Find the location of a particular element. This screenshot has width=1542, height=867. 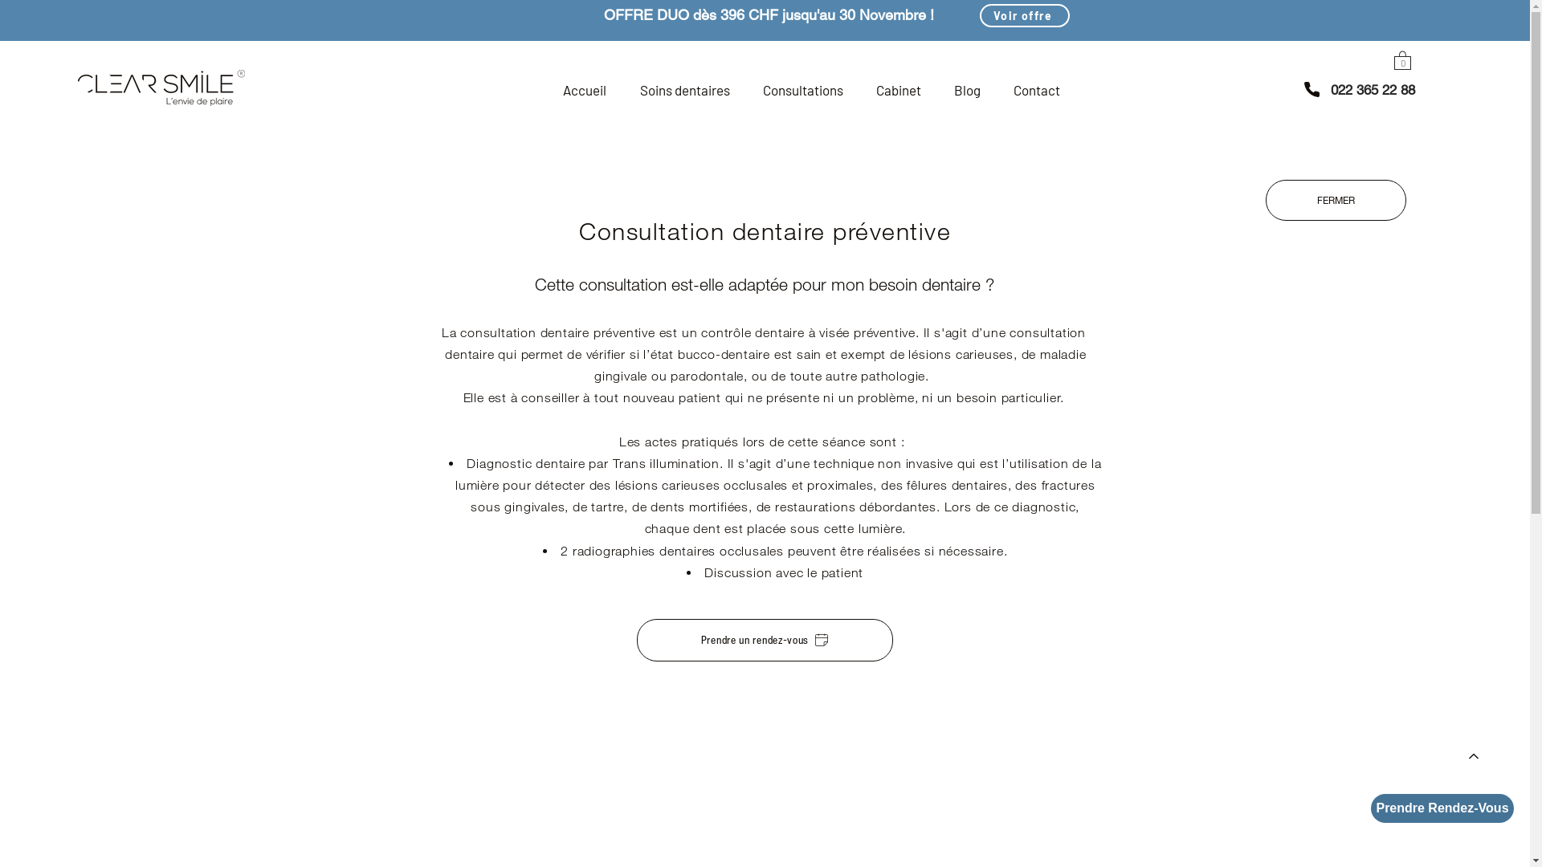

'022 365 22 88' is located at coordinates (1372, 89).